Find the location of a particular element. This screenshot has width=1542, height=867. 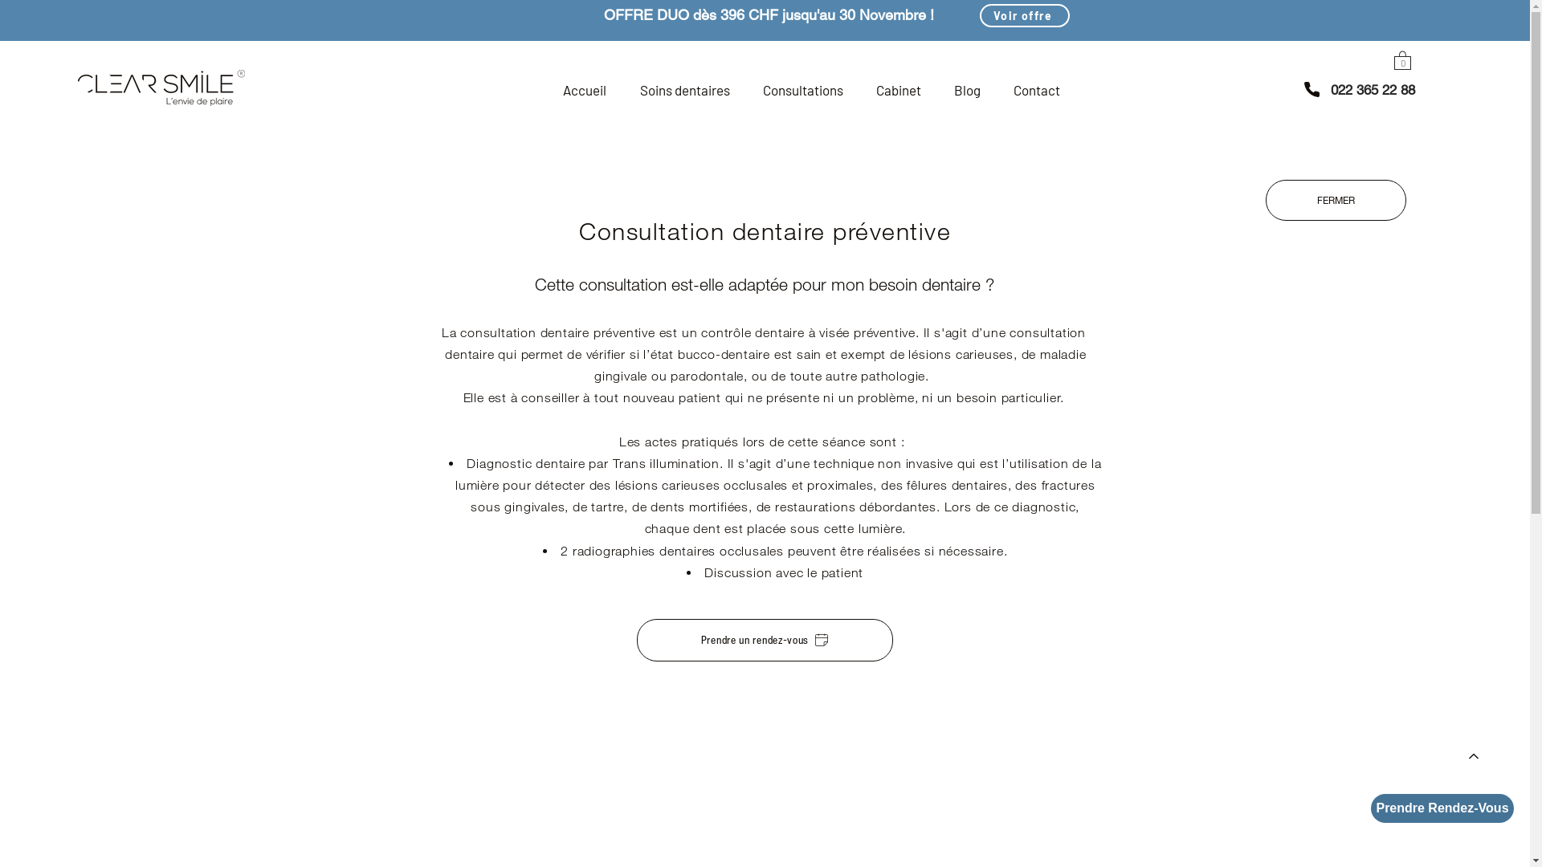

'022 365 22 88' is located at coordinates (1372, 89).